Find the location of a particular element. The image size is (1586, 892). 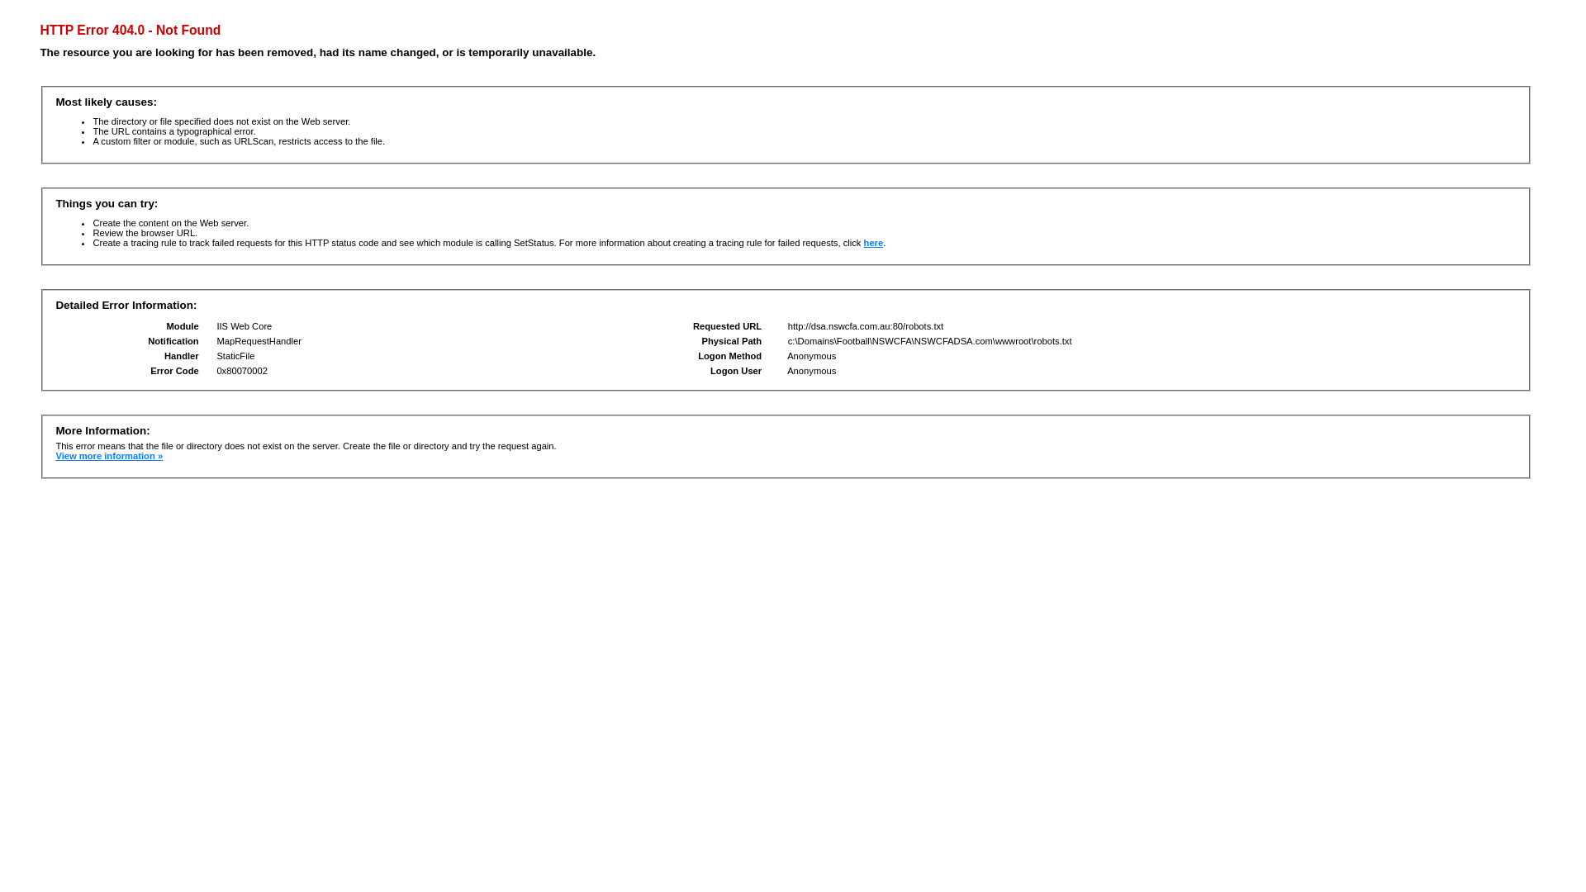

'here' is located at coordinates (872, 242).